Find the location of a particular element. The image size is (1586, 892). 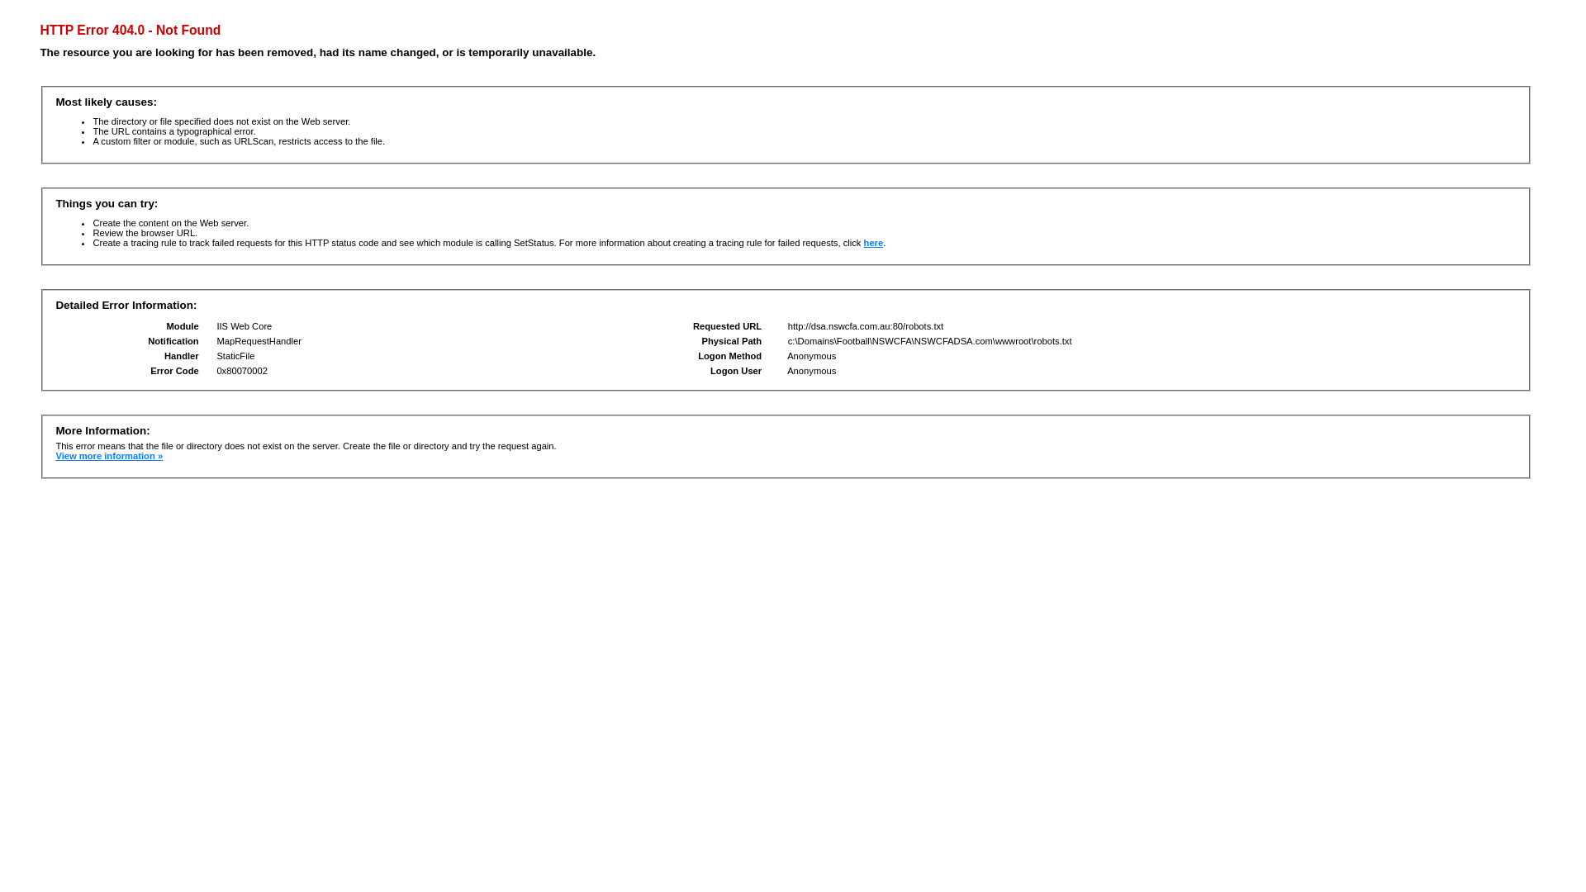

'here' is located at coordinates (872, 242).